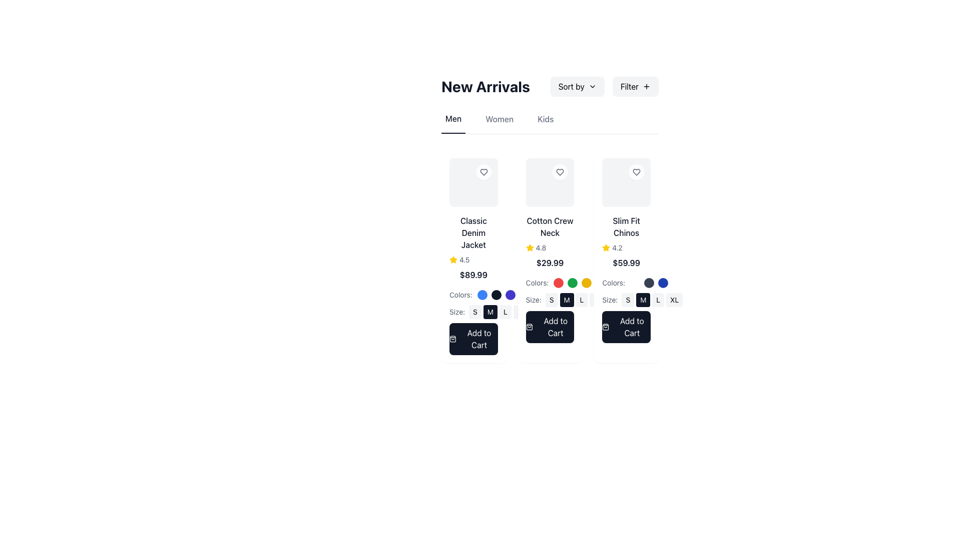 This screenshot has width=961, height=541. I want to click on the Heart icon button in the top-right corner of the 'Classic Denim Jacket' product card to mark it as a favorite, so click(484, 171).